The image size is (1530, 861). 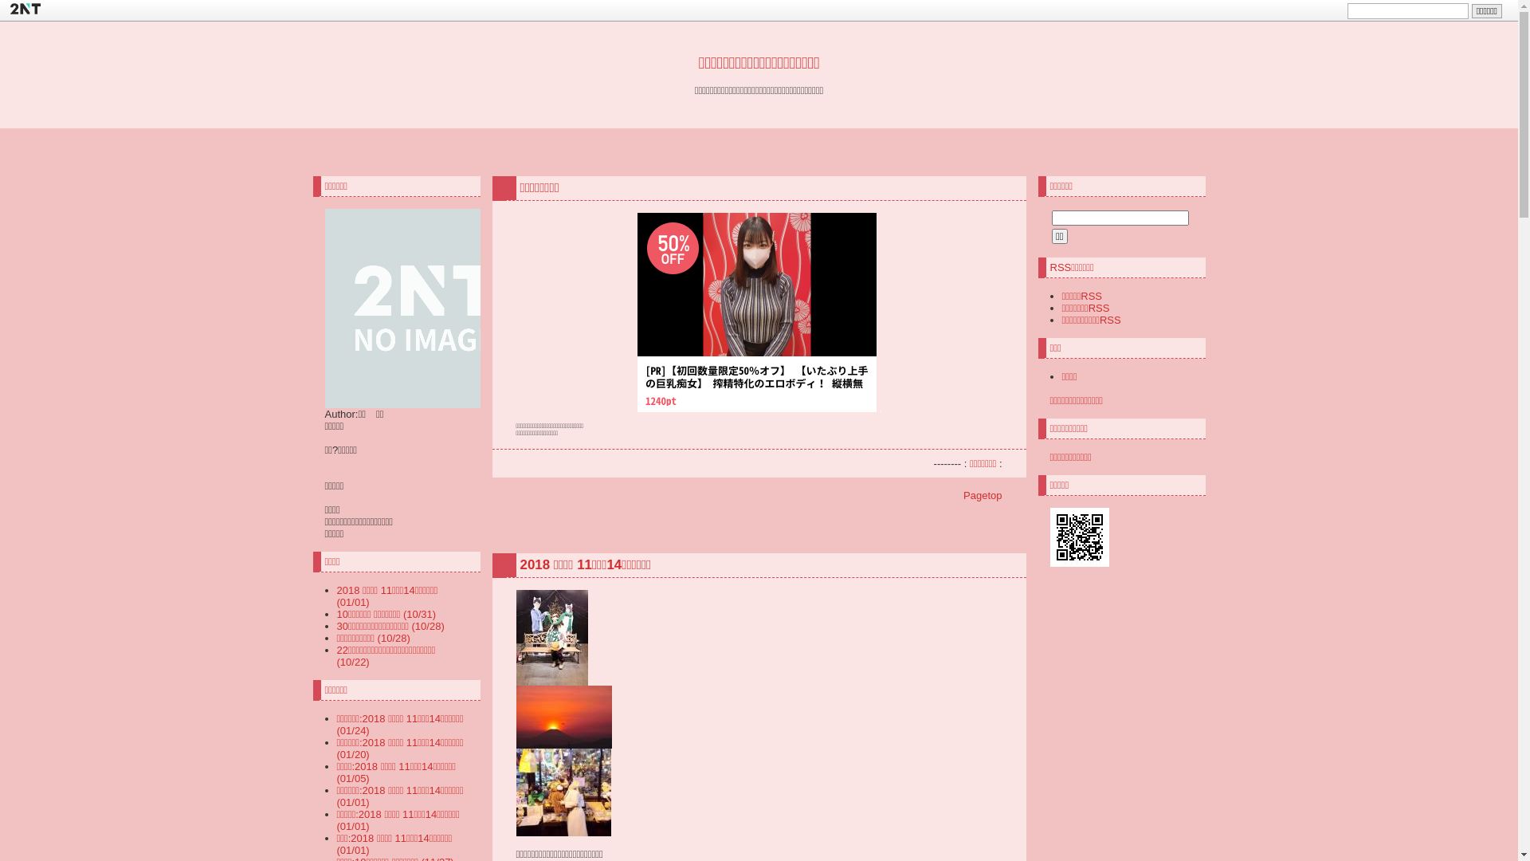 What do you see at coordinates (963, 494) in the screenshot?
I see `'Pagetop'` at bounding box center [963, 494].